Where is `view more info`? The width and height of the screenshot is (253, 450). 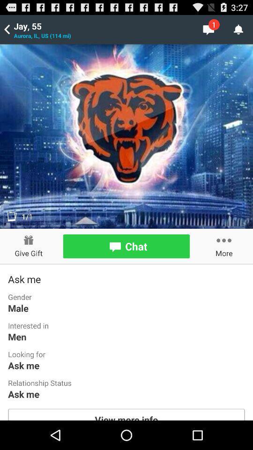
view more info is located at coordinates (126, 414).